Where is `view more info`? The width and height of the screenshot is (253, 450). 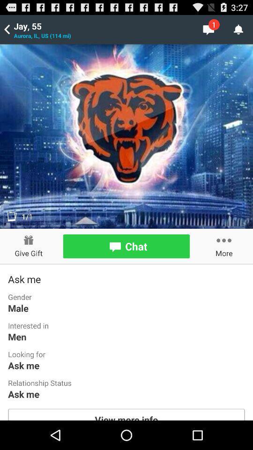
view more info is located at coordinates (126, 414).